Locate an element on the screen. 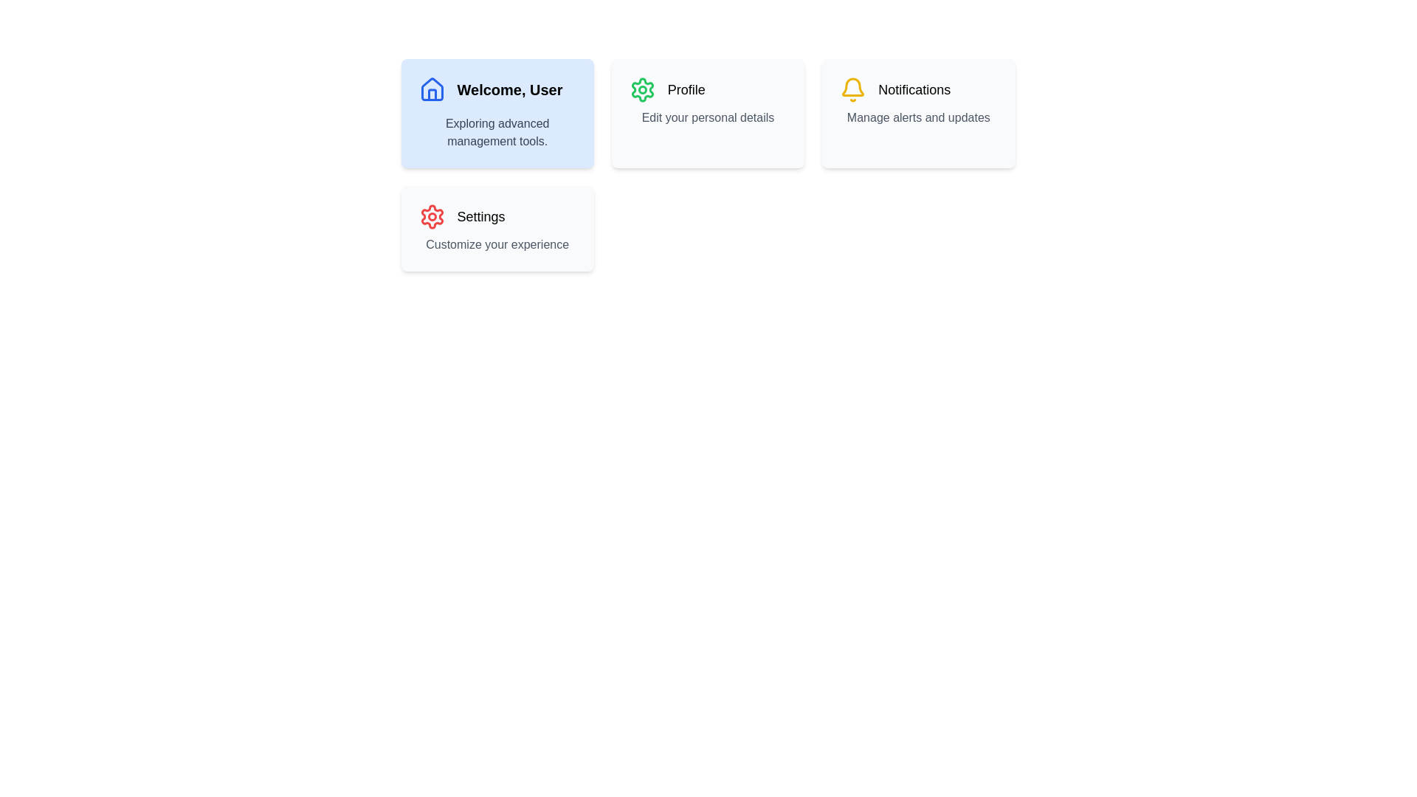  the Text Header with Icon that serves as a greeting and title for the card, positioned at the topmost component of the card in the leftmost column of the grid is located at coordinates (497, 90).